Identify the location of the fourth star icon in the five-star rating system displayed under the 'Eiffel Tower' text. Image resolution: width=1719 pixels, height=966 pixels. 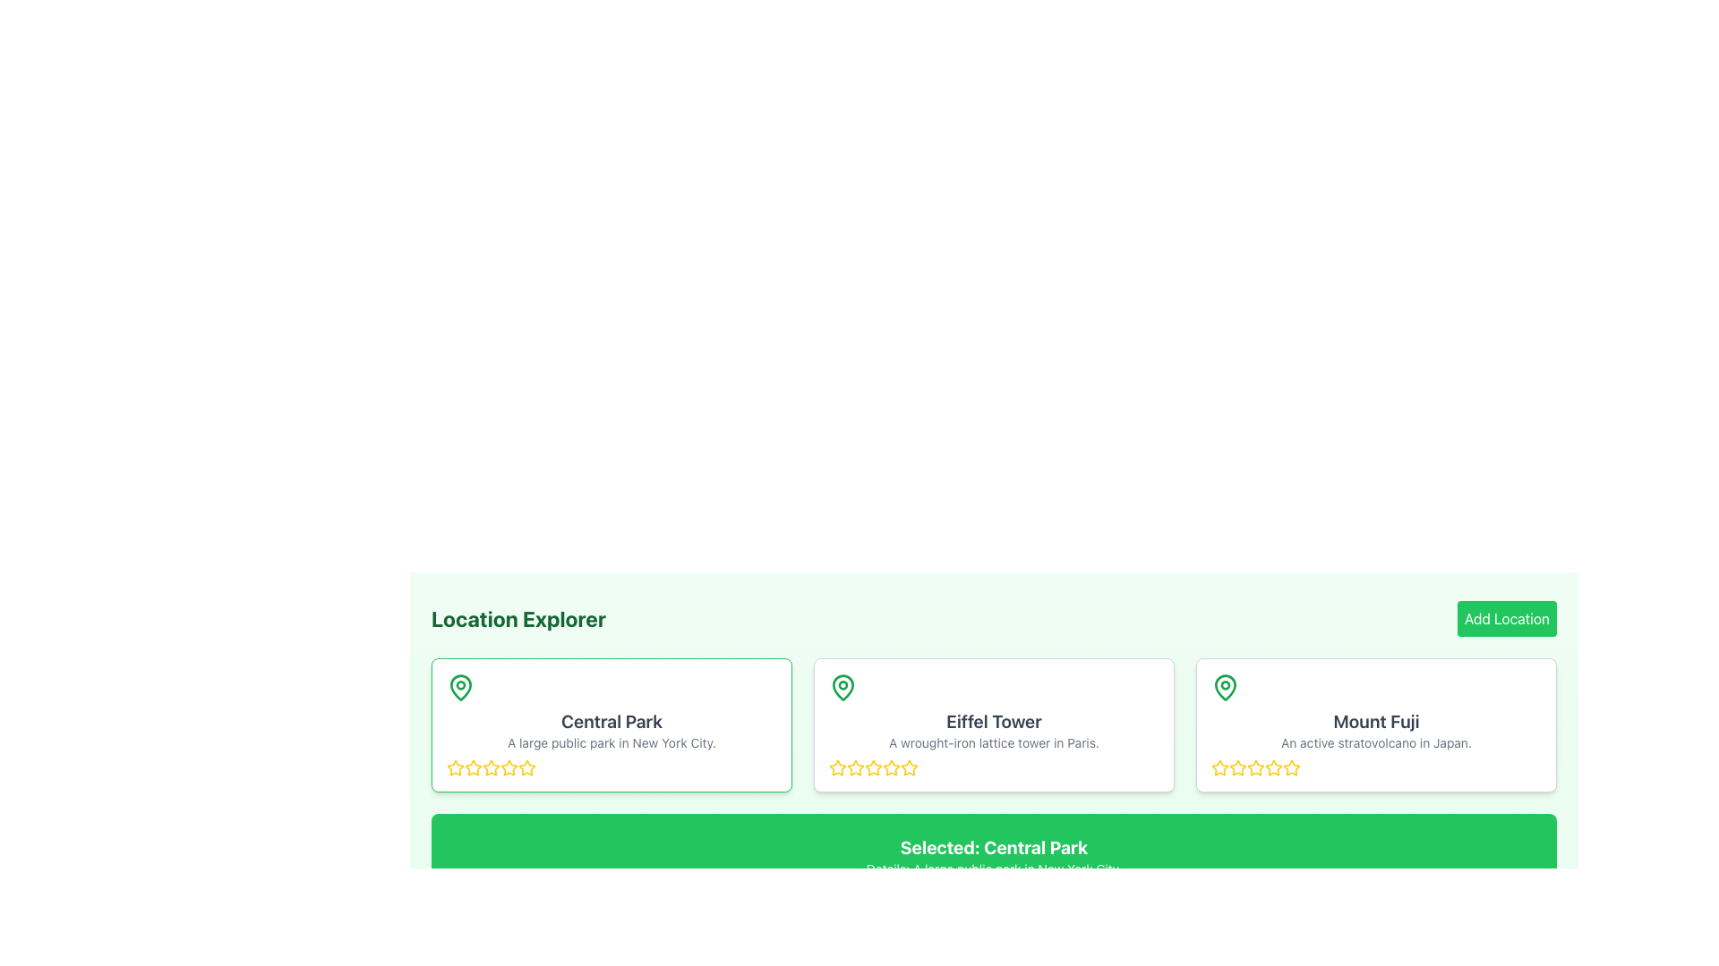
(910, 767).